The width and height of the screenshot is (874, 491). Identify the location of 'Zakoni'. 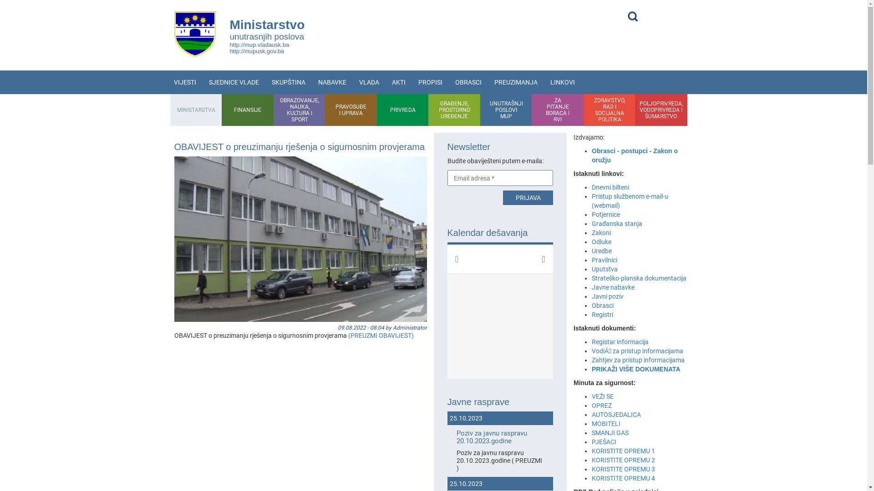
(601, 232).